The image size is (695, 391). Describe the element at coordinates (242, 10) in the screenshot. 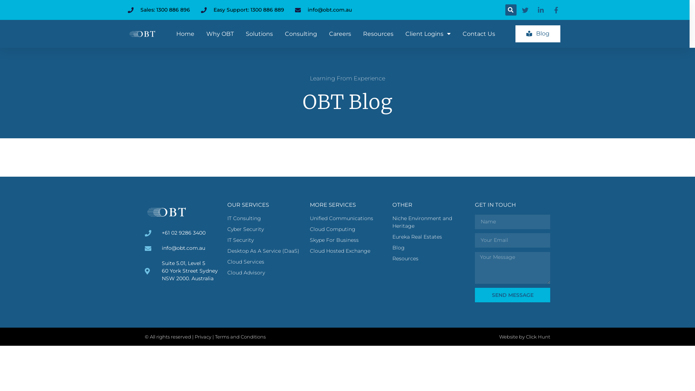

I see `'Easy Support: 1300 886 889'` at that location.